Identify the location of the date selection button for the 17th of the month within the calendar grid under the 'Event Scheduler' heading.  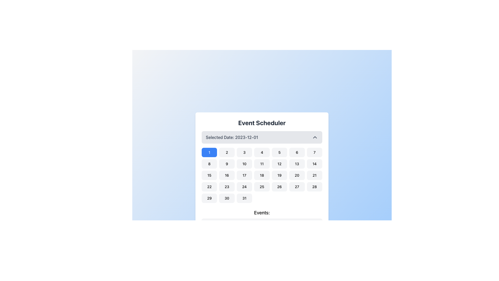
(244, 175).